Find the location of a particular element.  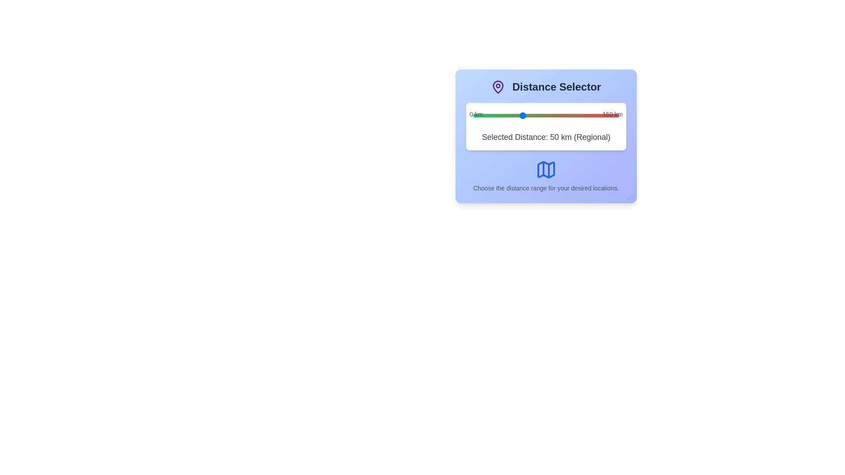

the map icon to trigger its associated action is located at coordinates (546, 169).